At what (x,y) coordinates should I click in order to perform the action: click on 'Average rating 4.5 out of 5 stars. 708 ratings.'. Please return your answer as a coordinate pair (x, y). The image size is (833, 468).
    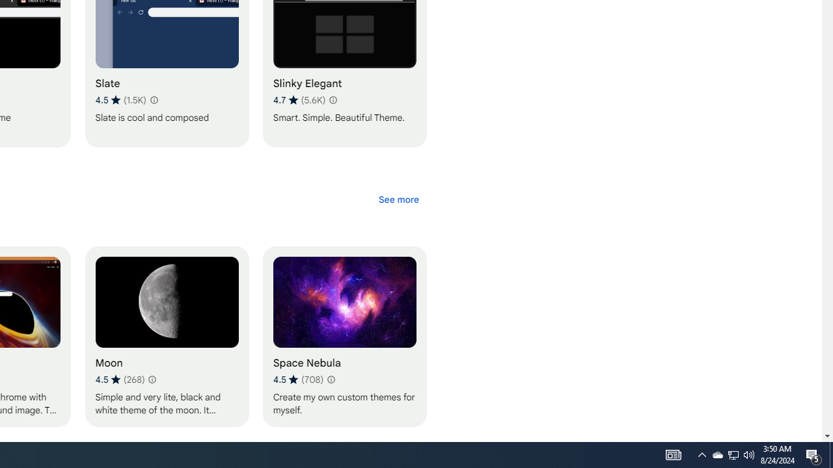
    Looking at the image, I should click on (297, 379).